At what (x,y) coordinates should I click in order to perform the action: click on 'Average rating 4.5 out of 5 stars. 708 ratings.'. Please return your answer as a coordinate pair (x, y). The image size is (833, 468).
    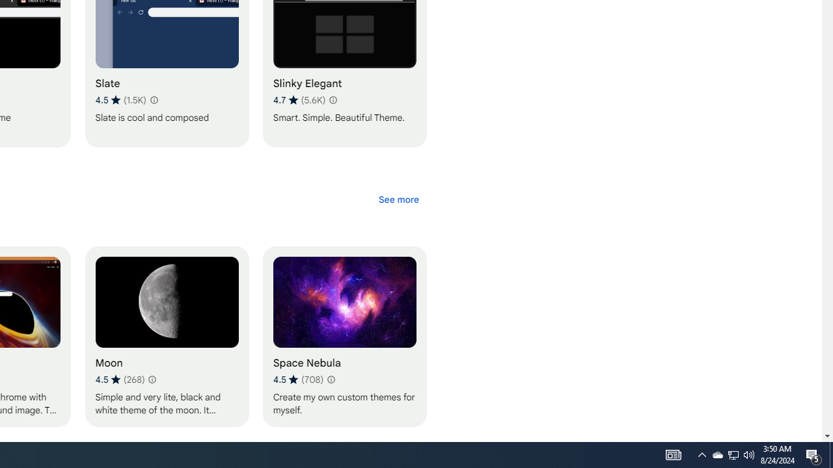
    Looking at the image, I should click on (297, 379).